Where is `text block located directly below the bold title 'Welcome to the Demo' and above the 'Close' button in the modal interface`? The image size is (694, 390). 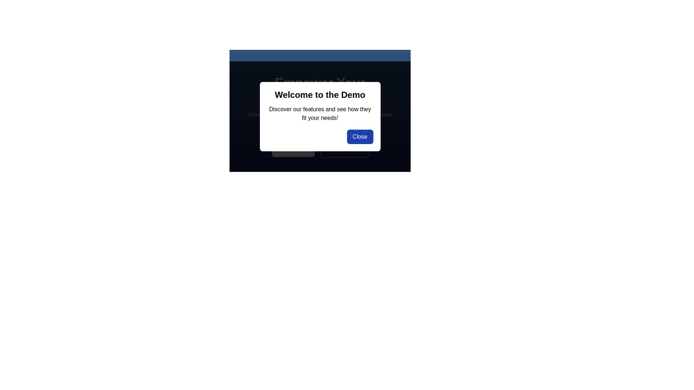
text block located directly below the bold title 'Welcome to the Demo' and above the 'Close' button in the modal interface is located at coordinates (320, 114).